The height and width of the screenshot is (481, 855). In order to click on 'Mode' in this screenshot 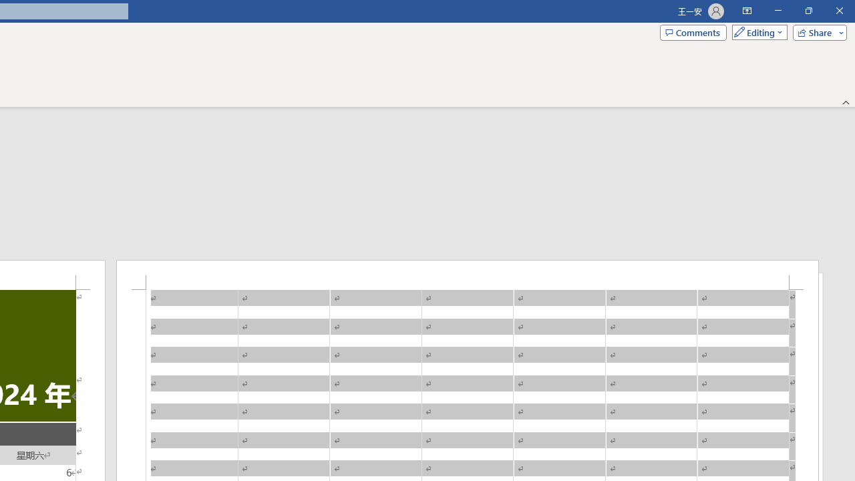, I will do `click(757, 31)`.